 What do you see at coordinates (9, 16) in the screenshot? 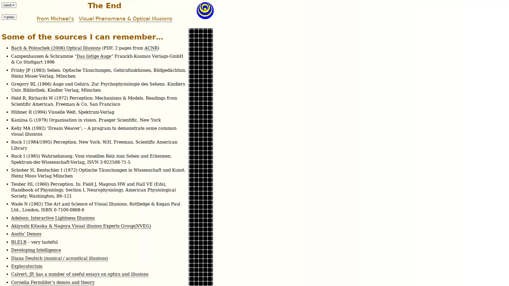
I see `prev` at bounding box center [9, 16].